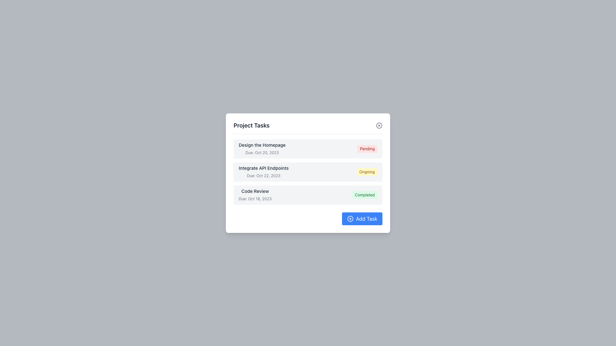 Image resolution: width=616 pixels, height=346 pixels. Describe the element at coordinates (255, 198) in the screenshot. I see `the text label displaying 'Due: Oct 18, 2023', which is located below the bold text 'Code Review' within the task card in the 'Project Tasks' box` at that location.